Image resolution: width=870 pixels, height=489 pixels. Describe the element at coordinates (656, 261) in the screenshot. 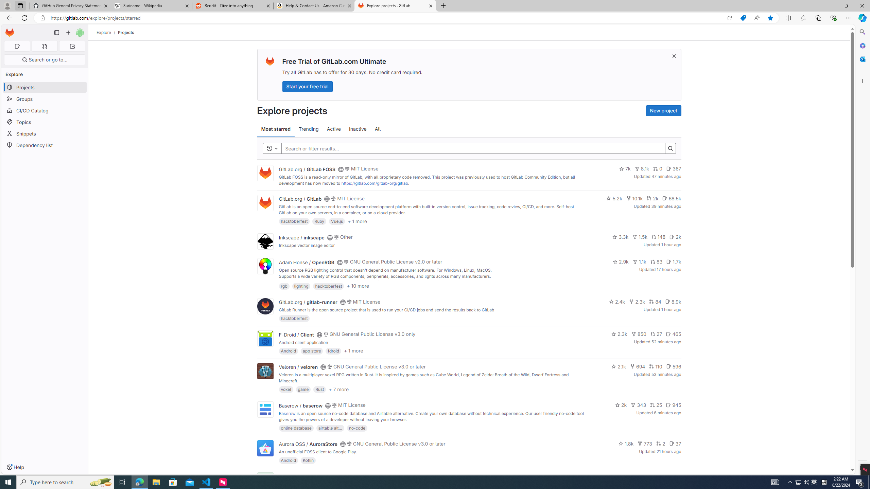

I see `'83'` at that location.